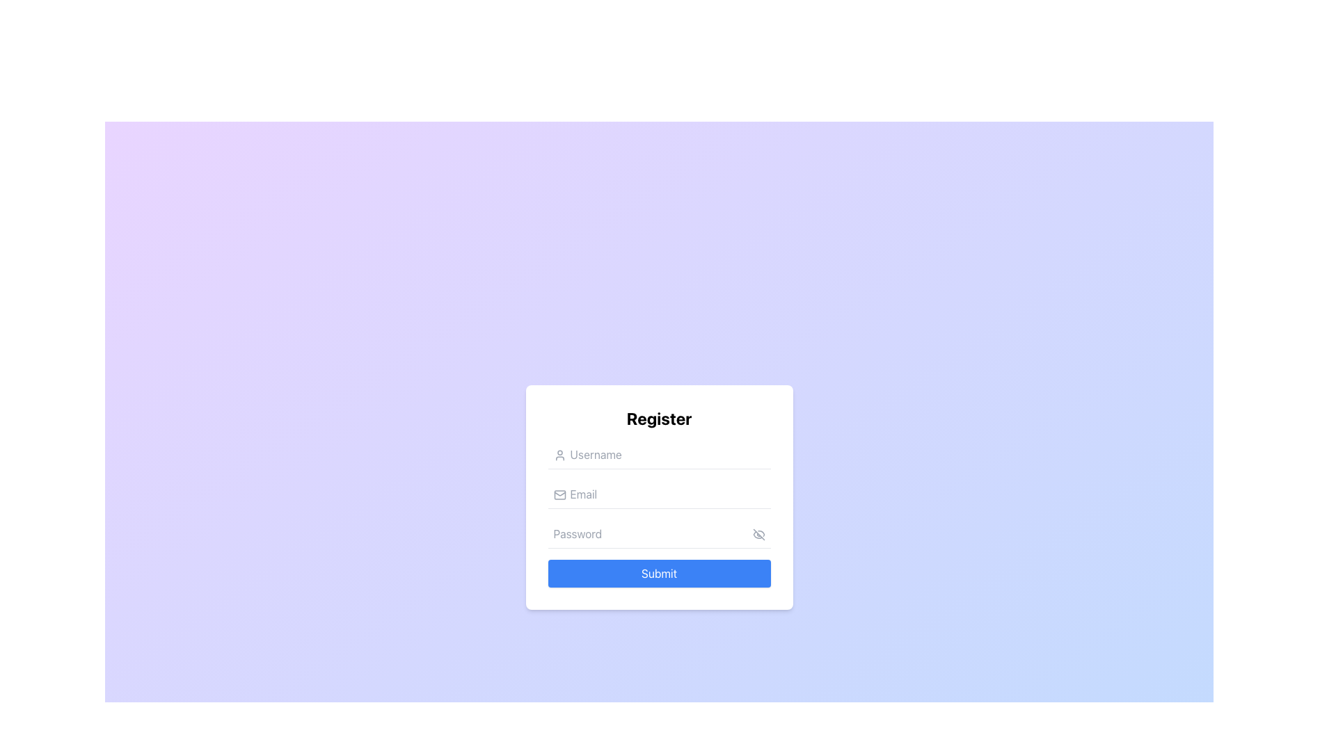  What do you see at coordinates (559, 455) in the screenshot?
I see `the username input field icon, which is located on the left side of the 'Username' input box in the registration form` at bounding box center [559, 455].